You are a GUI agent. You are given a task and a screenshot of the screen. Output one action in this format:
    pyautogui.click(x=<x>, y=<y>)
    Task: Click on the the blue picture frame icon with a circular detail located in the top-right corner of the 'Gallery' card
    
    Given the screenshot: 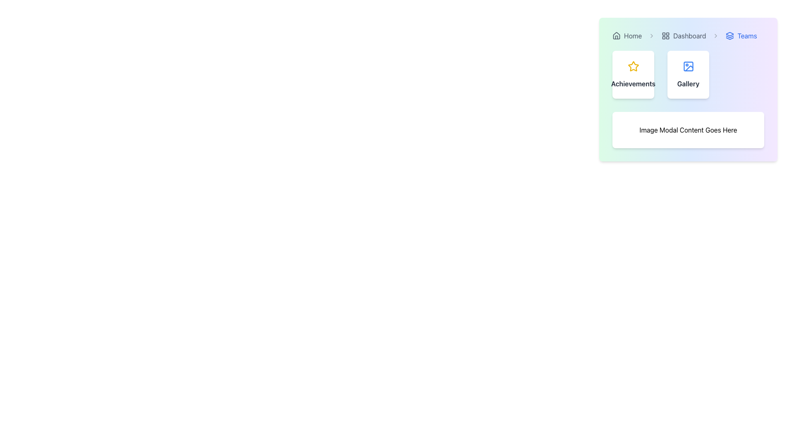 What is the action you would take?
    pyautogui.click(x=688, y=66)
    